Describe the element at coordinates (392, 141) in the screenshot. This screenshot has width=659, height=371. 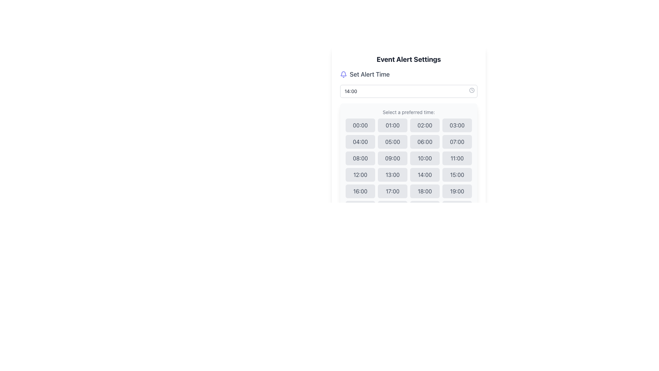
I see `the button labeled '05:00' in the 'Select a preferred time' section to confirm the selected time` at that location.